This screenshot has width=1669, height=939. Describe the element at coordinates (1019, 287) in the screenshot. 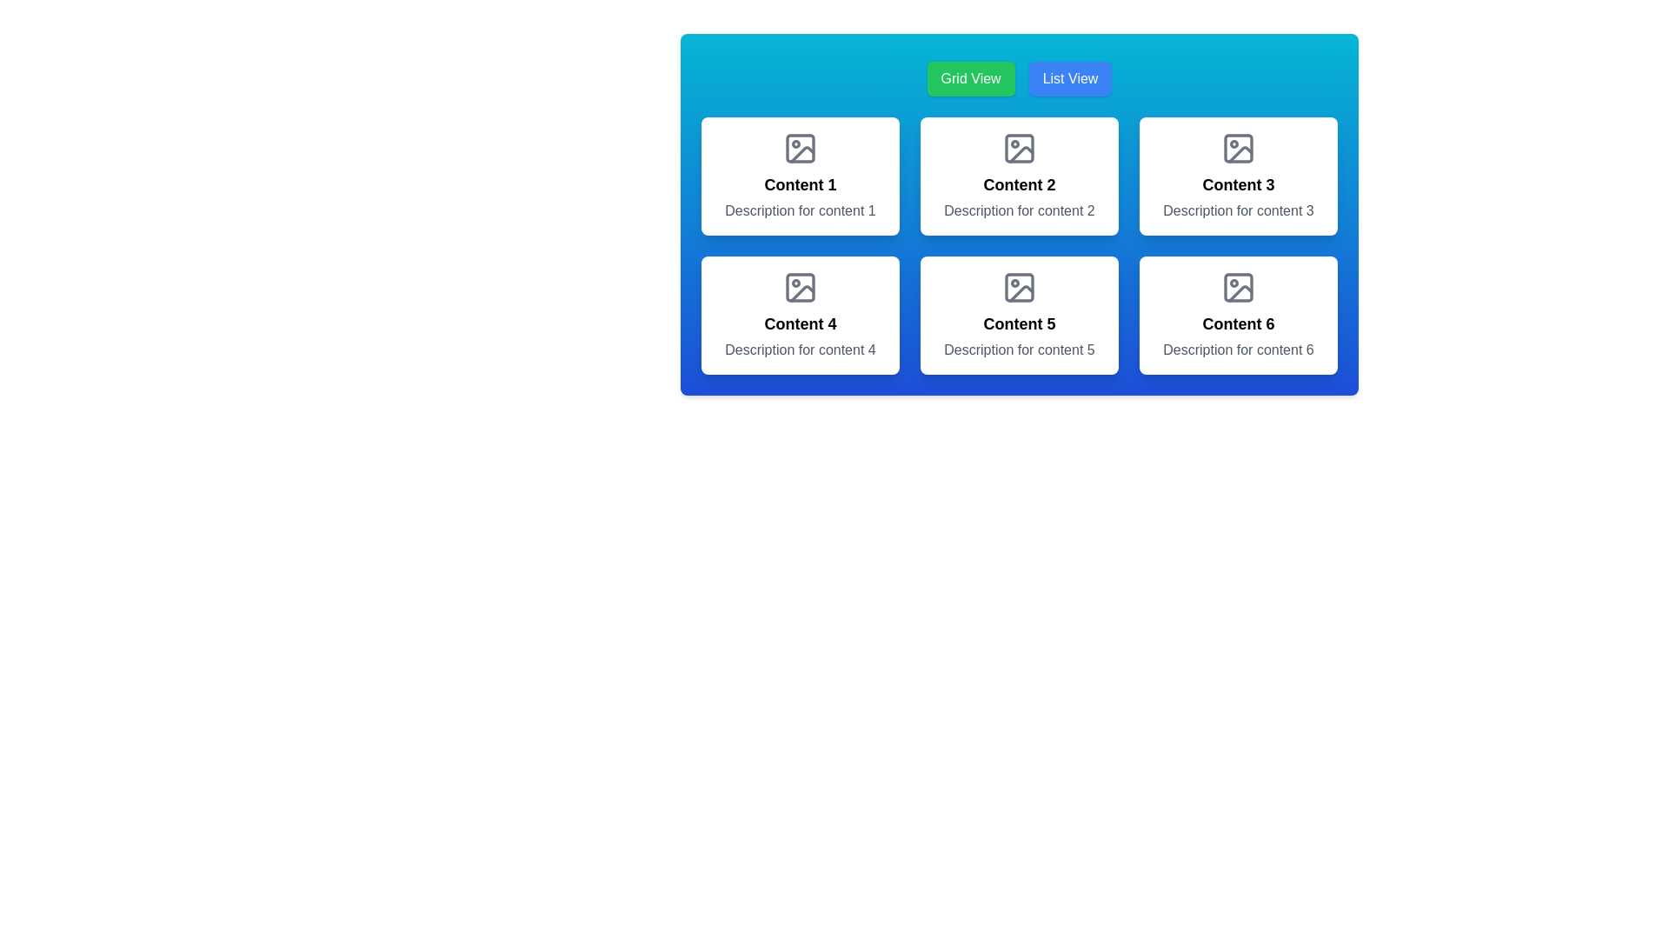

I see `the central rectangle in the 'Content 5' card, which is a light grey decorative rectangle with rounded corners within an SVG image representation` at that location.